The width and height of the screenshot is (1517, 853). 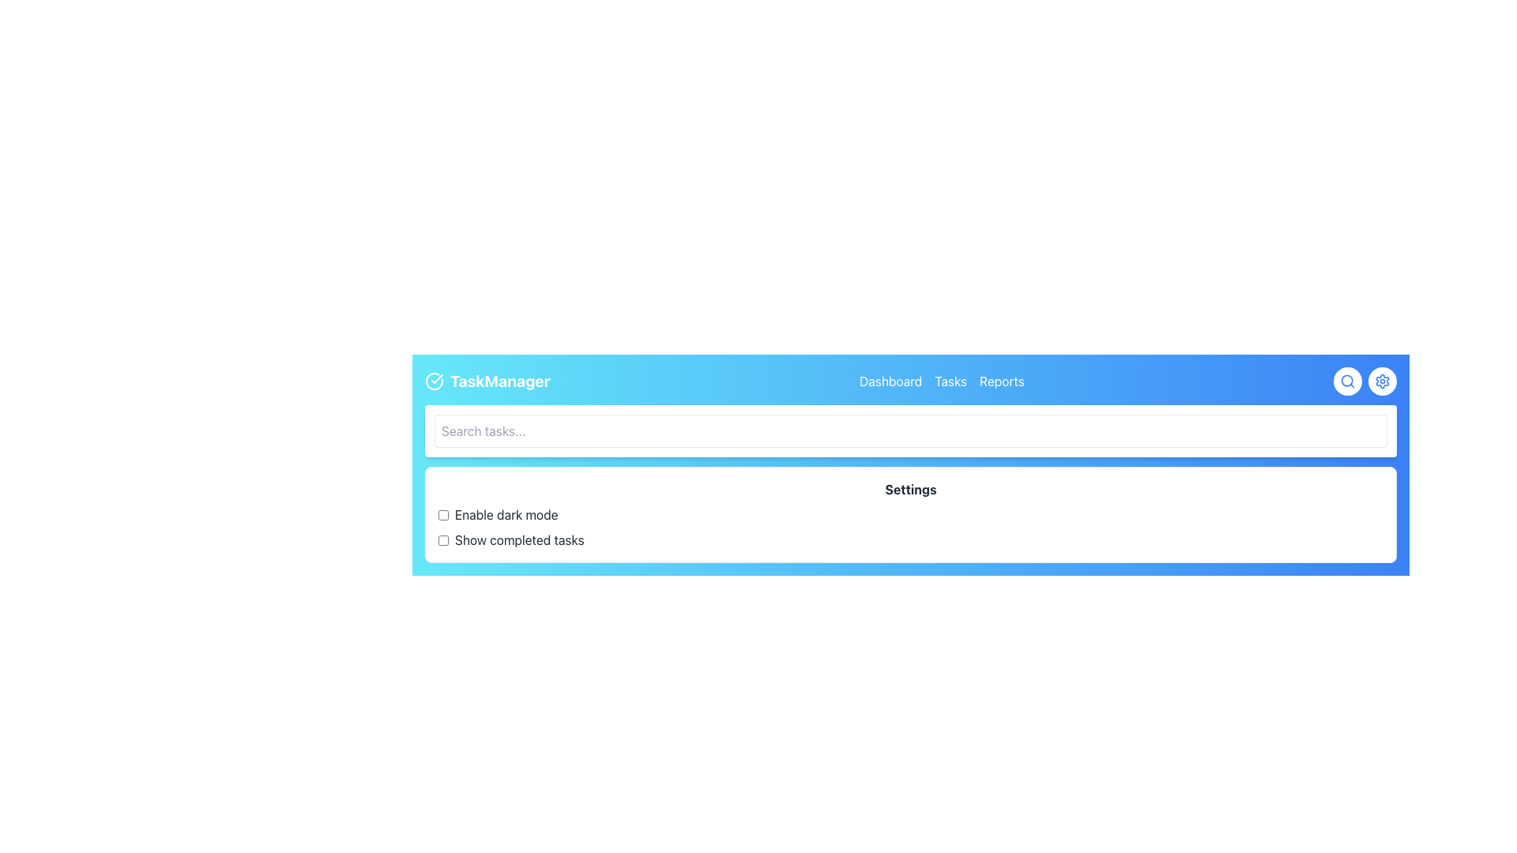 What do you see at coordinates (442, 514) in the screenshot?
I see `the checkbox for 'Enable dark mode' located at the far left of the text in the 'Settings' section` at bounding box center [442, 514].